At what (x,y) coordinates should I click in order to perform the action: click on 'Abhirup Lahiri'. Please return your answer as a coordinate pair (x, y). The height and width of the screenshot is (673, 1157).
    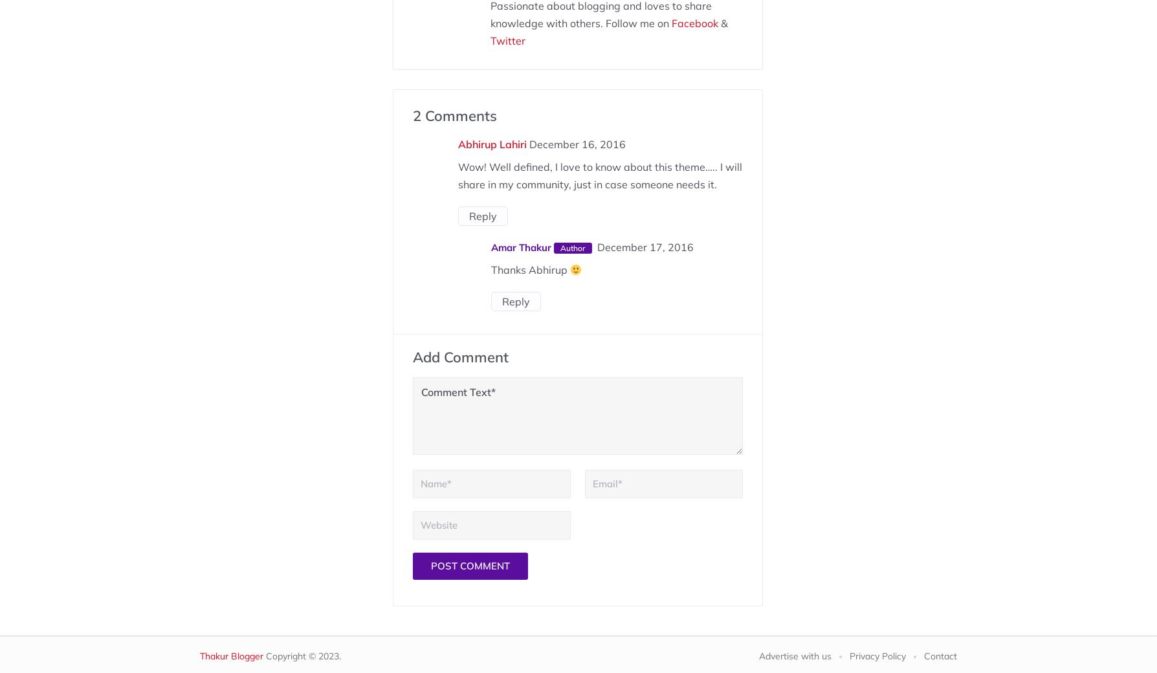
    Looking at the image, I should click on (491, 144).